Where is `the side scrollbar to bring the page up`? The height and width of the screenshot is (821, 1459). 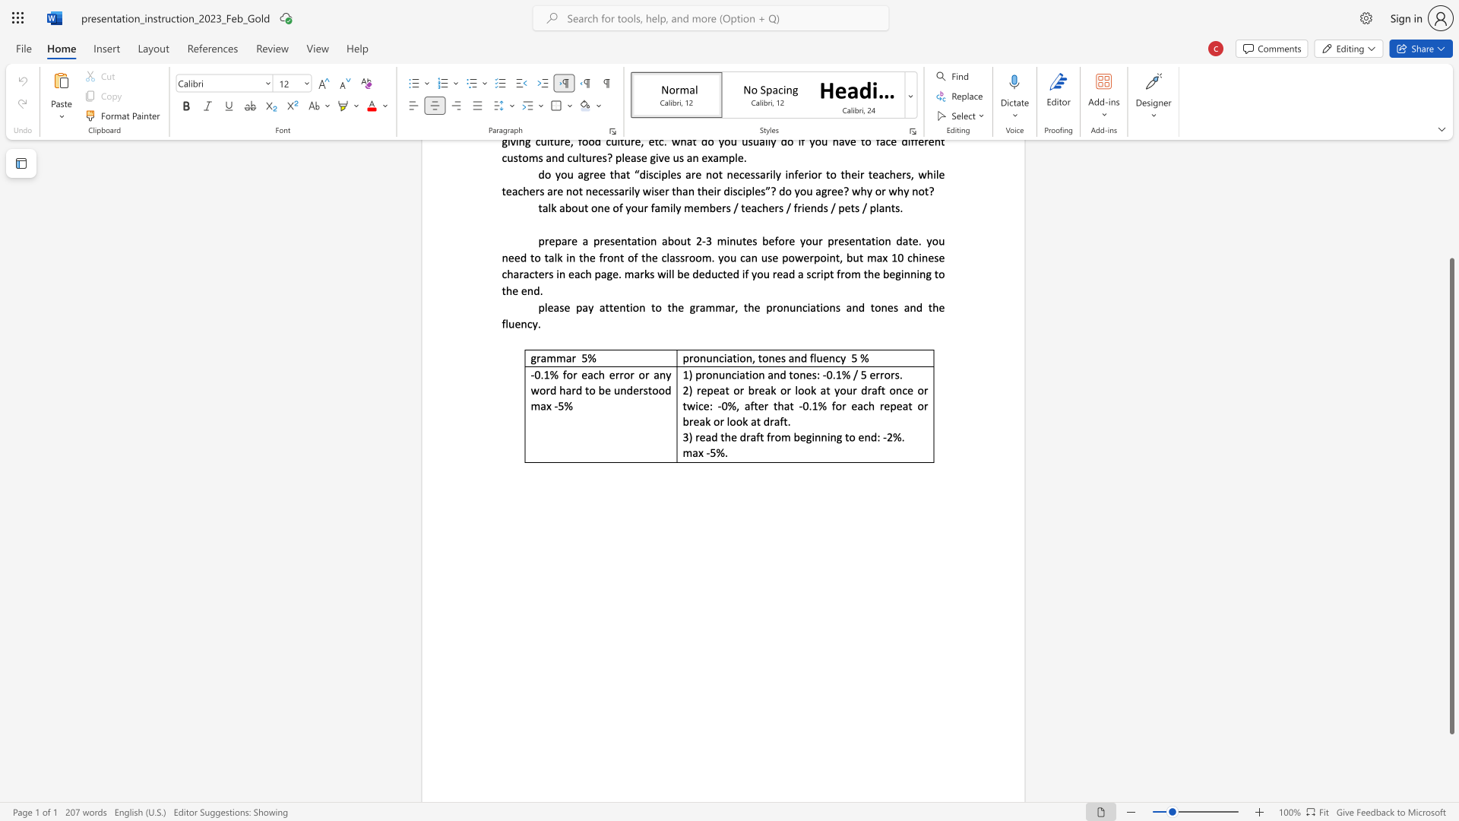 the side scrollbar to bring the page up is located at coordinates (1451, 196).